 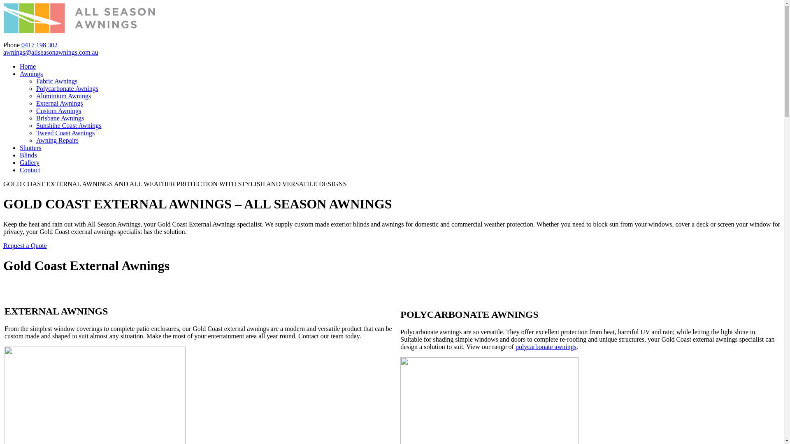 What do you see at coordinates (59, 103) in the screenshot?
I see `'External Awnings'` at bounding box center [59, 103].